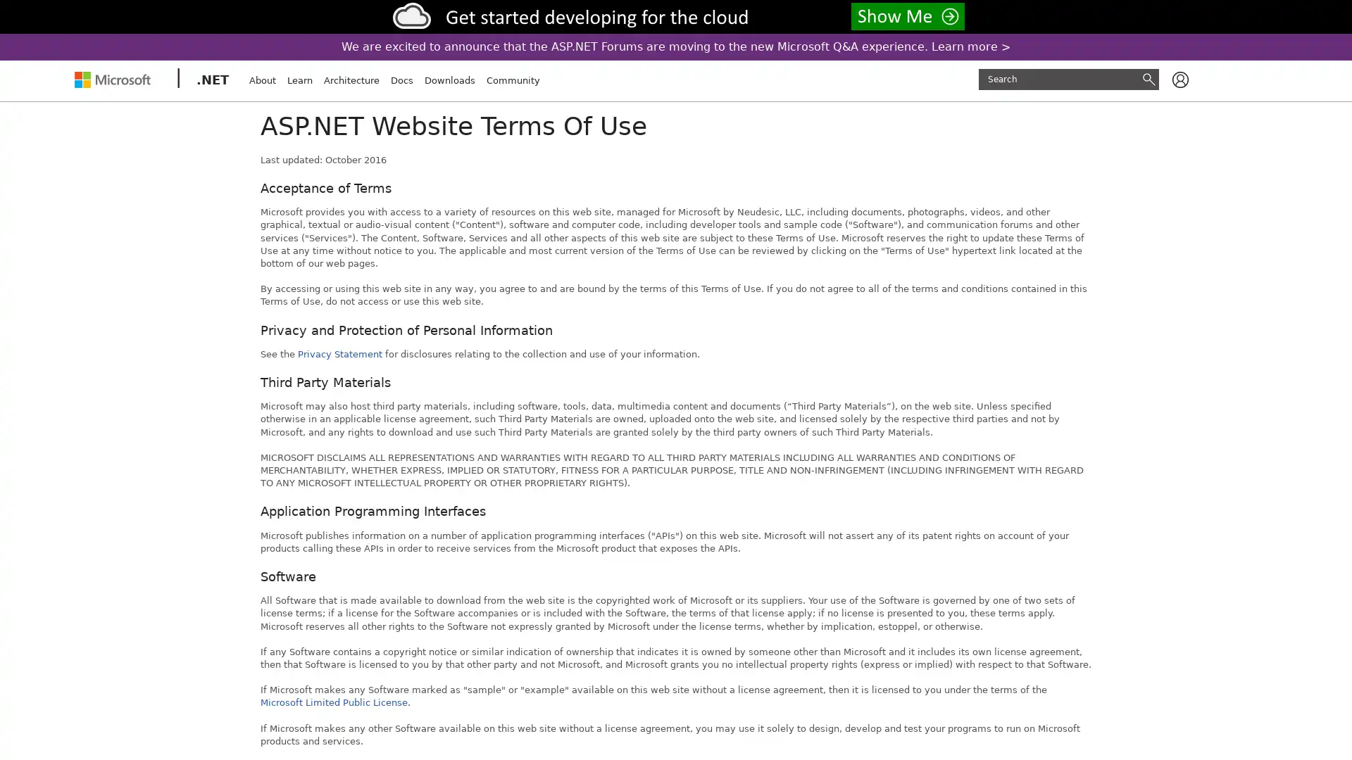  Describe the element at coordinates (1179, 78) in the screenshot. I see `Available actions for user` at that location.